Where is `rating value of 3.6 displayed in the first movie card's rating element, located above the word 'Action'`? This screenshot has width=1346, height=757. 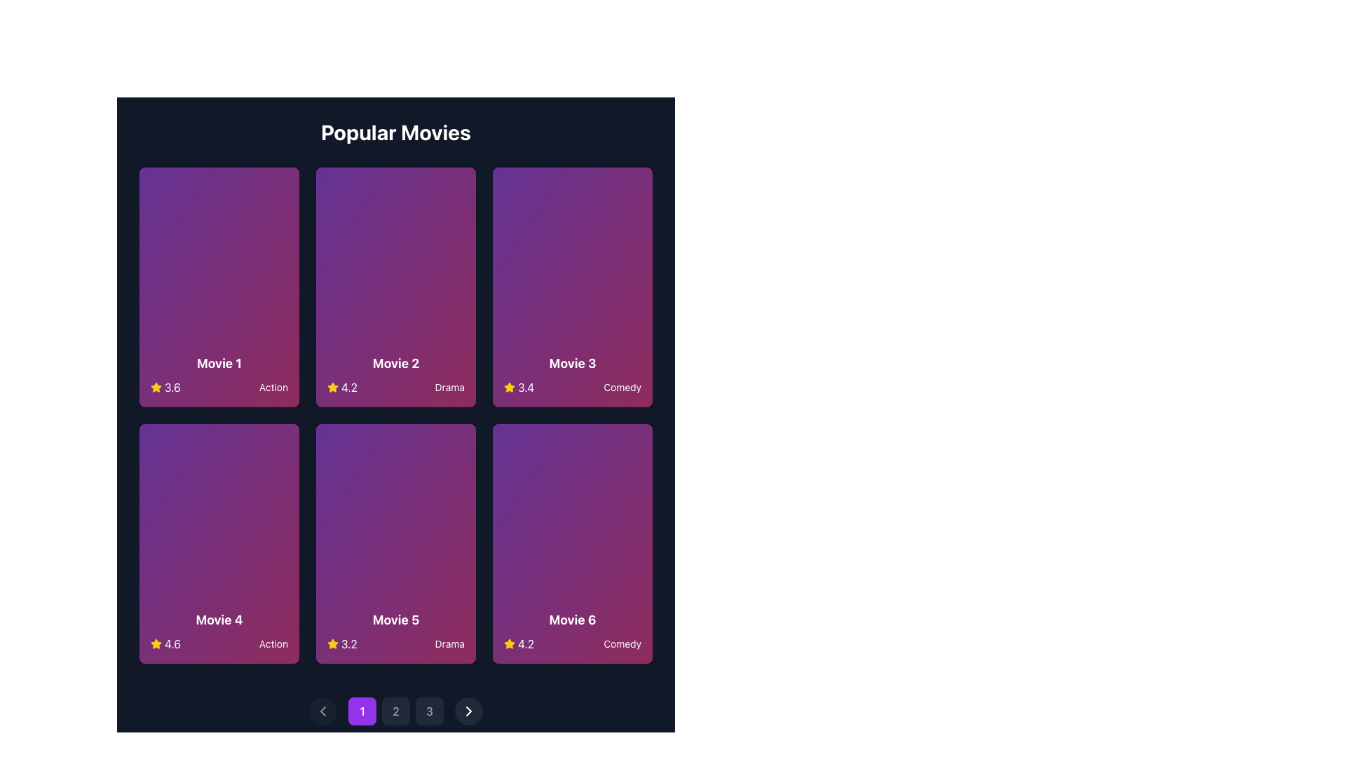 rating value of 3.6 displayed in the first movie card's rating element, located above the word 'Action' is located at coordinates (165, 387).